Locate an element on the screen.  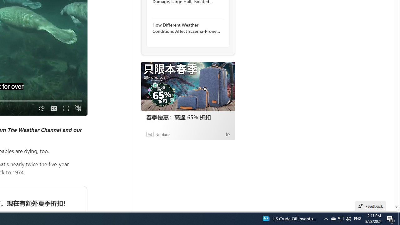
'Unmute' is located at coordinates (77, 108).